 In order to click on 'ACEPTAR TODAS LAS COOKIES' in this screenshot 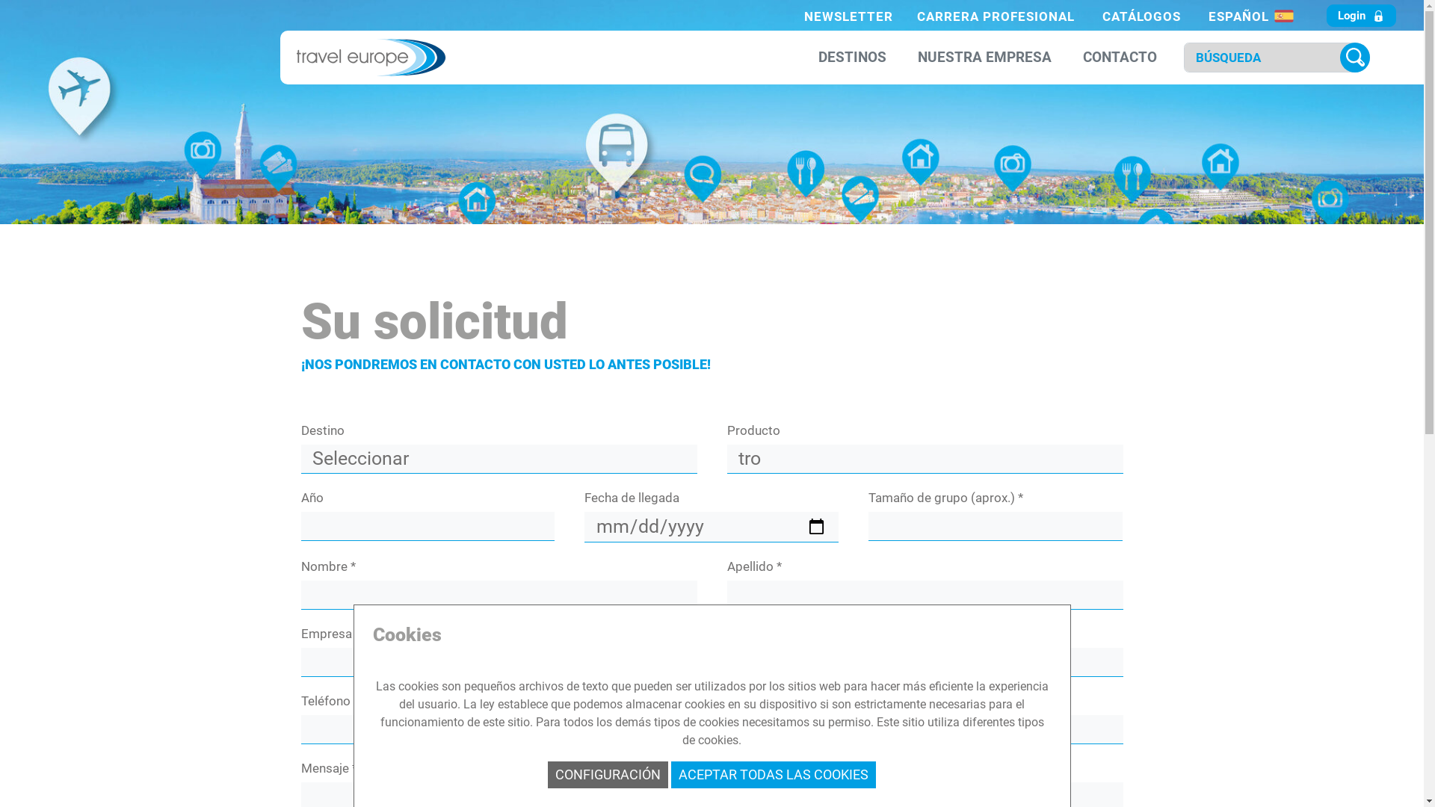, I will do `click(670, 774)`.